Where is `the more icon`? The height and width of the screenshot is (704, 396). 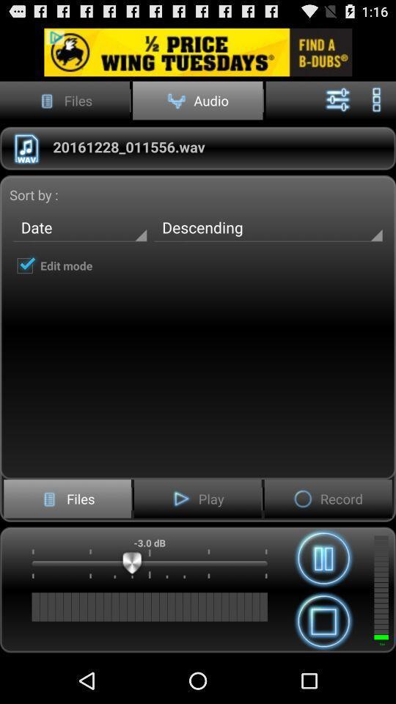
the more icon is located at coordinates (376, 106).